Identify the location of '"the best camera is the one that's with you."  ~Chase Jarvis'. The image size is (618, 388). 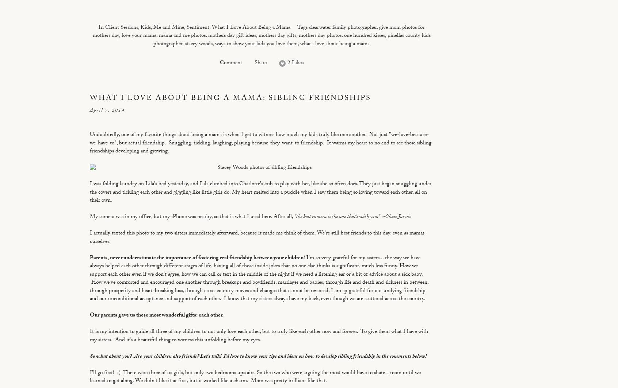
(352, 217).